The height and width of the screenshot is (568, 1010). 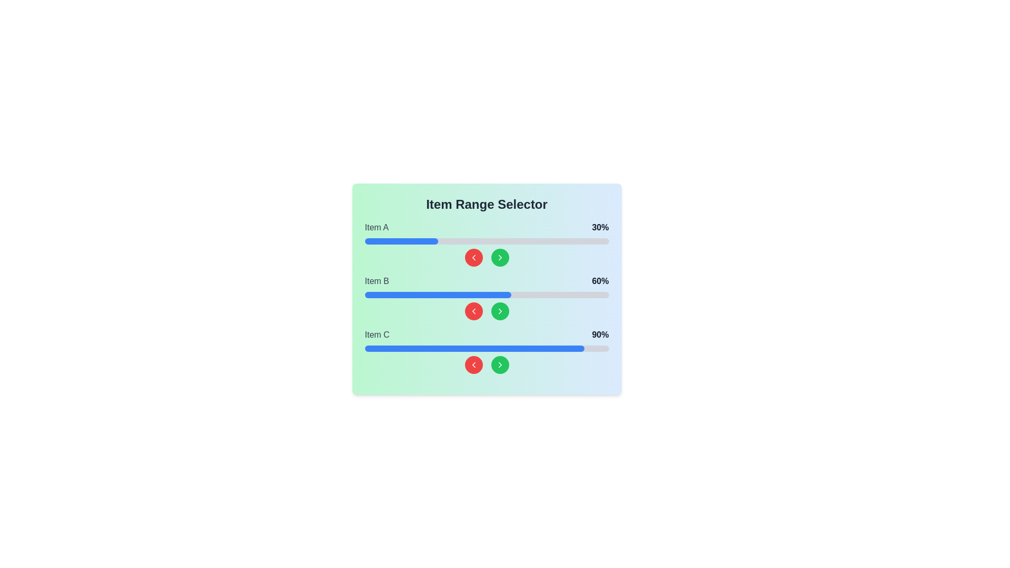 I want to click on the left arrow icon button with a red circular background, located to the left of the green circular button in the 'Item B' range slider, so click(x=473, y=257).